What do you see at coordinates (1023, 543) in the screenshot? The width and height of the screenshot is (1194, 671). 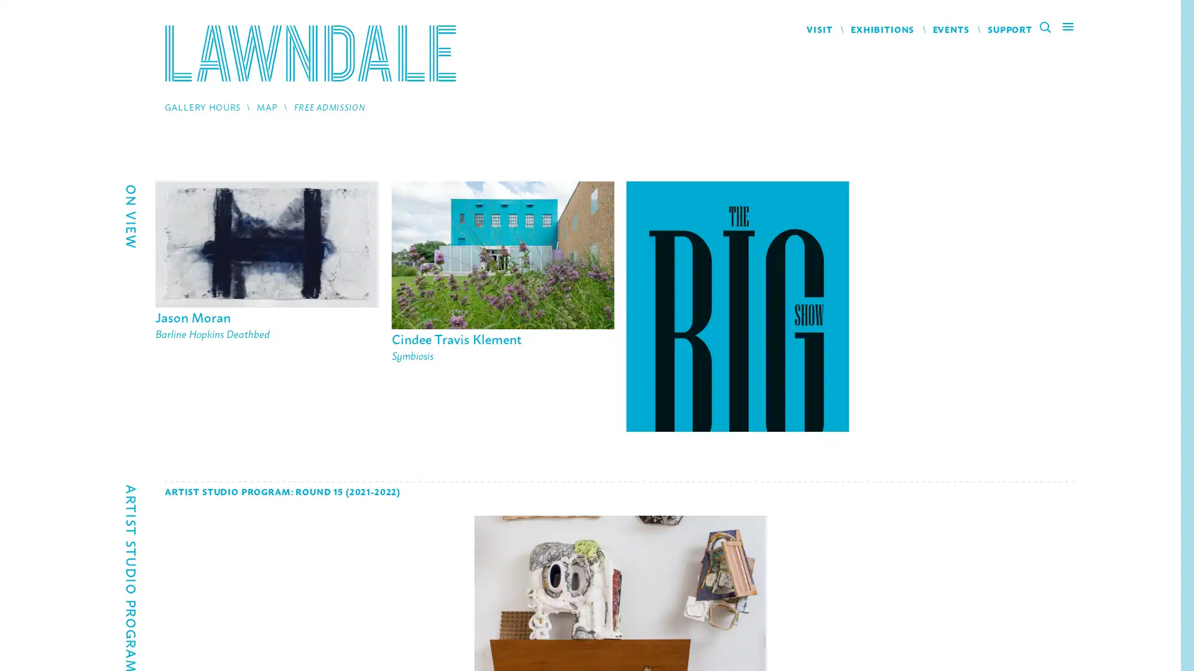 I see `Previous` at bounding box center [1023, 543].